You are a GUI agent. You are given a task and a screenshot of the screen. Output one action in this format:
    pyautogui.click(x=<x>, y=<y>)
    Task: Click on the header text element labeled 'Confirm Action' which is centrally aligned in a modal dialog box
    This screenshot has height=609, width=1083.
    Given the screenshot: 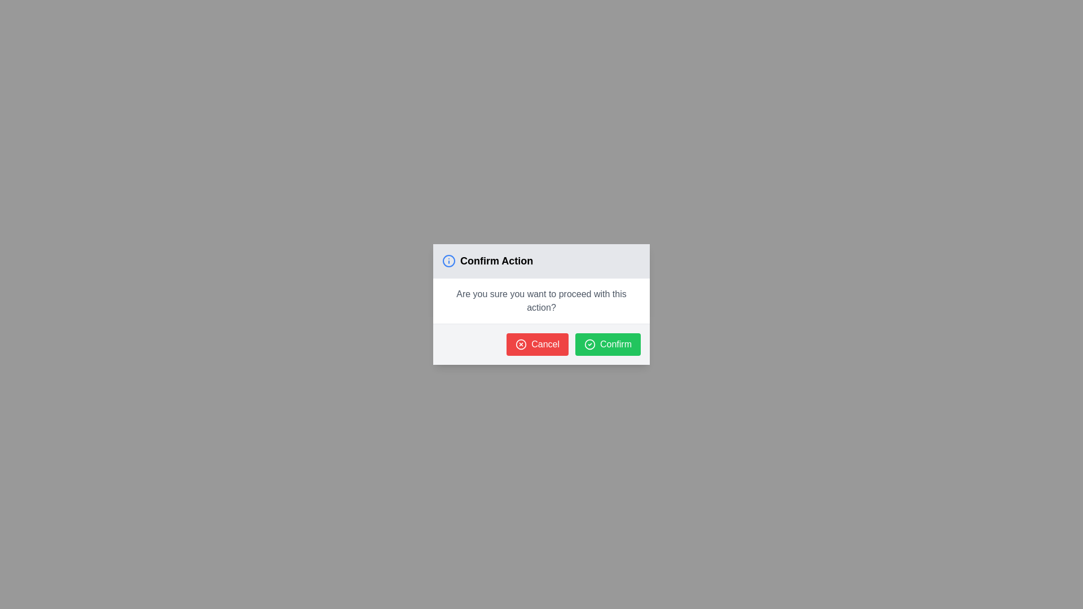 What is the action you would take?
    pyautogui.click(x=496, y=261)
    